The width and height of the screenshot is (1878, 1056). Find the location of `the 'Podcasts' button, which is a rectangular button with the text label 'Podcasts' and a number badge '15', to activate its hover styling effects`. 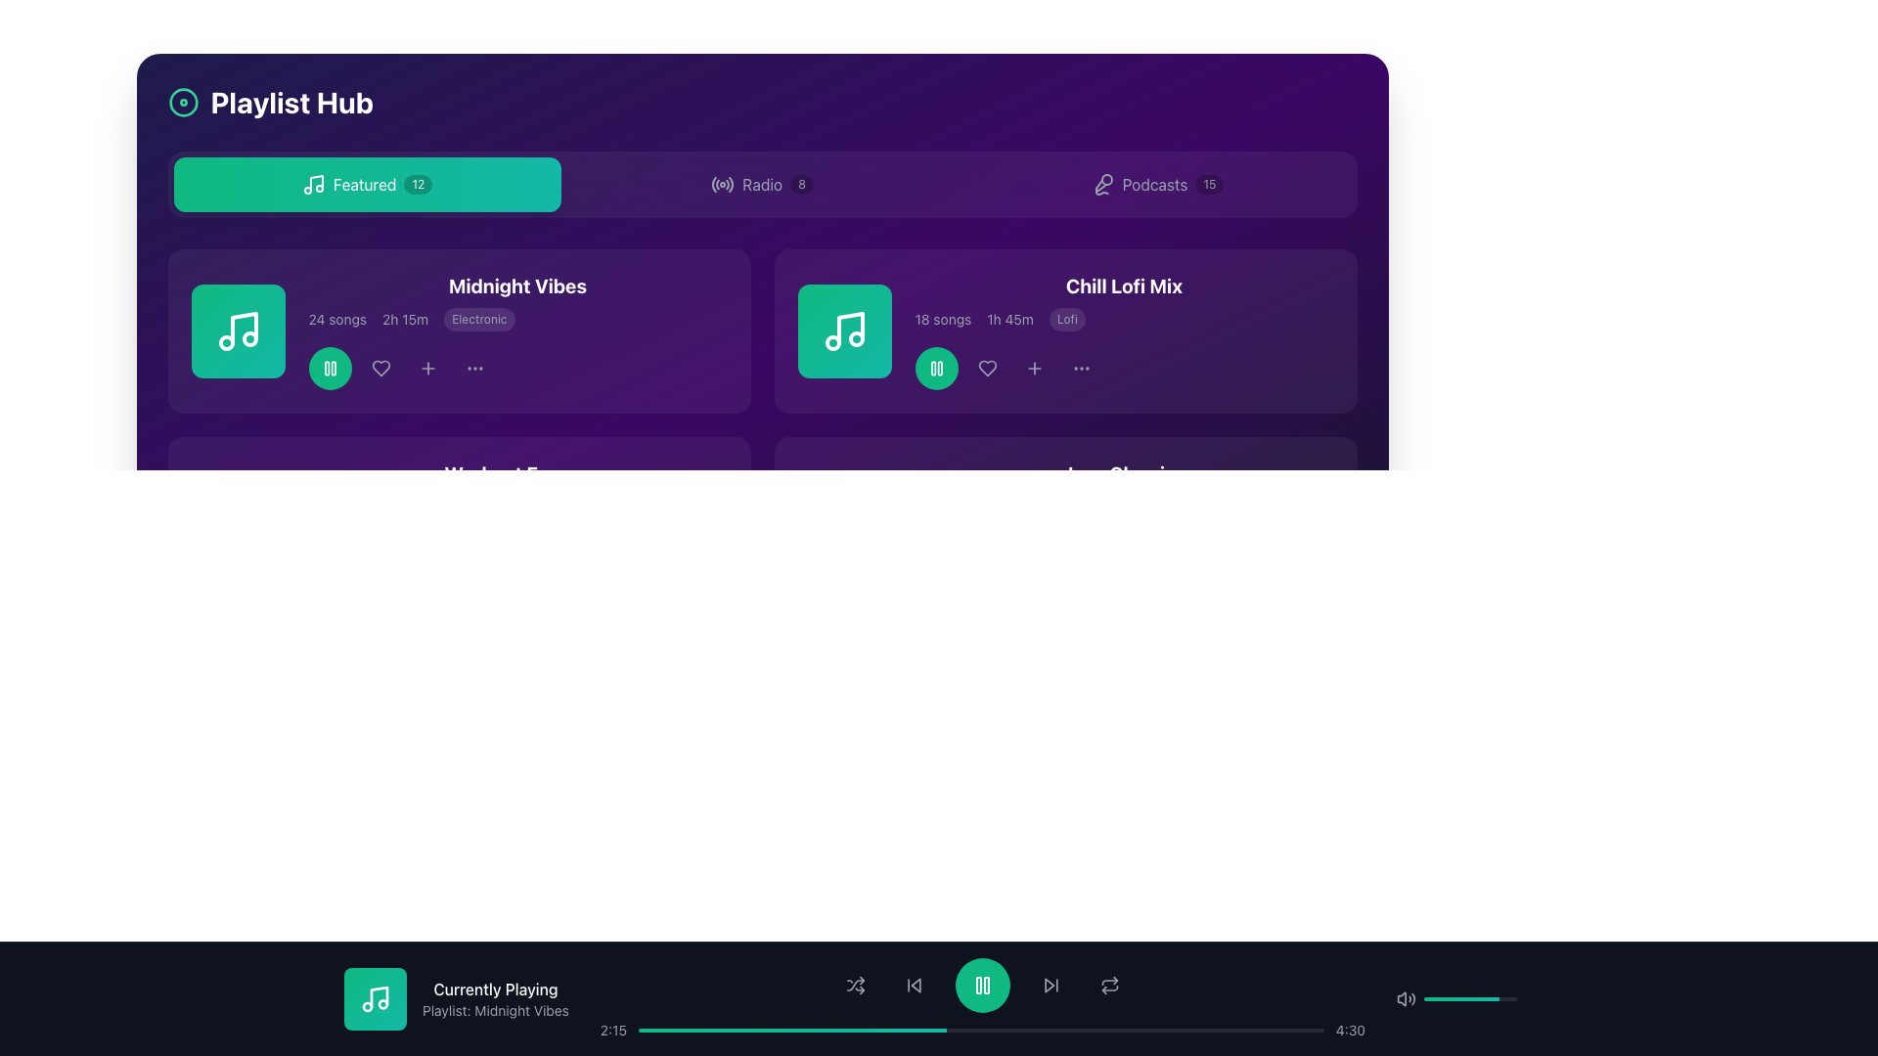

the 'Podcasts' button, which is a rectangular button with the text label 'Podcasts' and a number badge '15', to activate its hover styling effects is located at coordinates (1157, 185).